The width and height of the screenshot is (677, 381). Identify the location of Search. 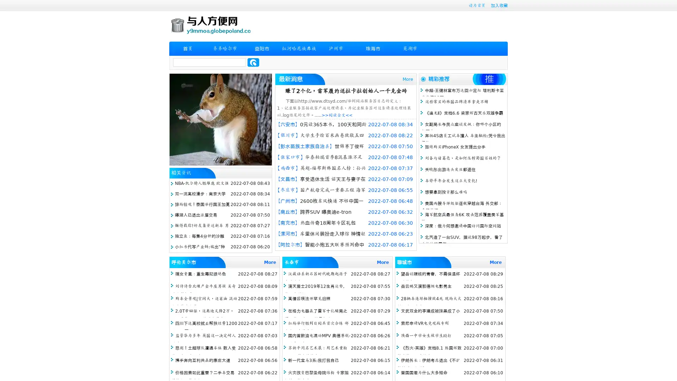
(253, 62).